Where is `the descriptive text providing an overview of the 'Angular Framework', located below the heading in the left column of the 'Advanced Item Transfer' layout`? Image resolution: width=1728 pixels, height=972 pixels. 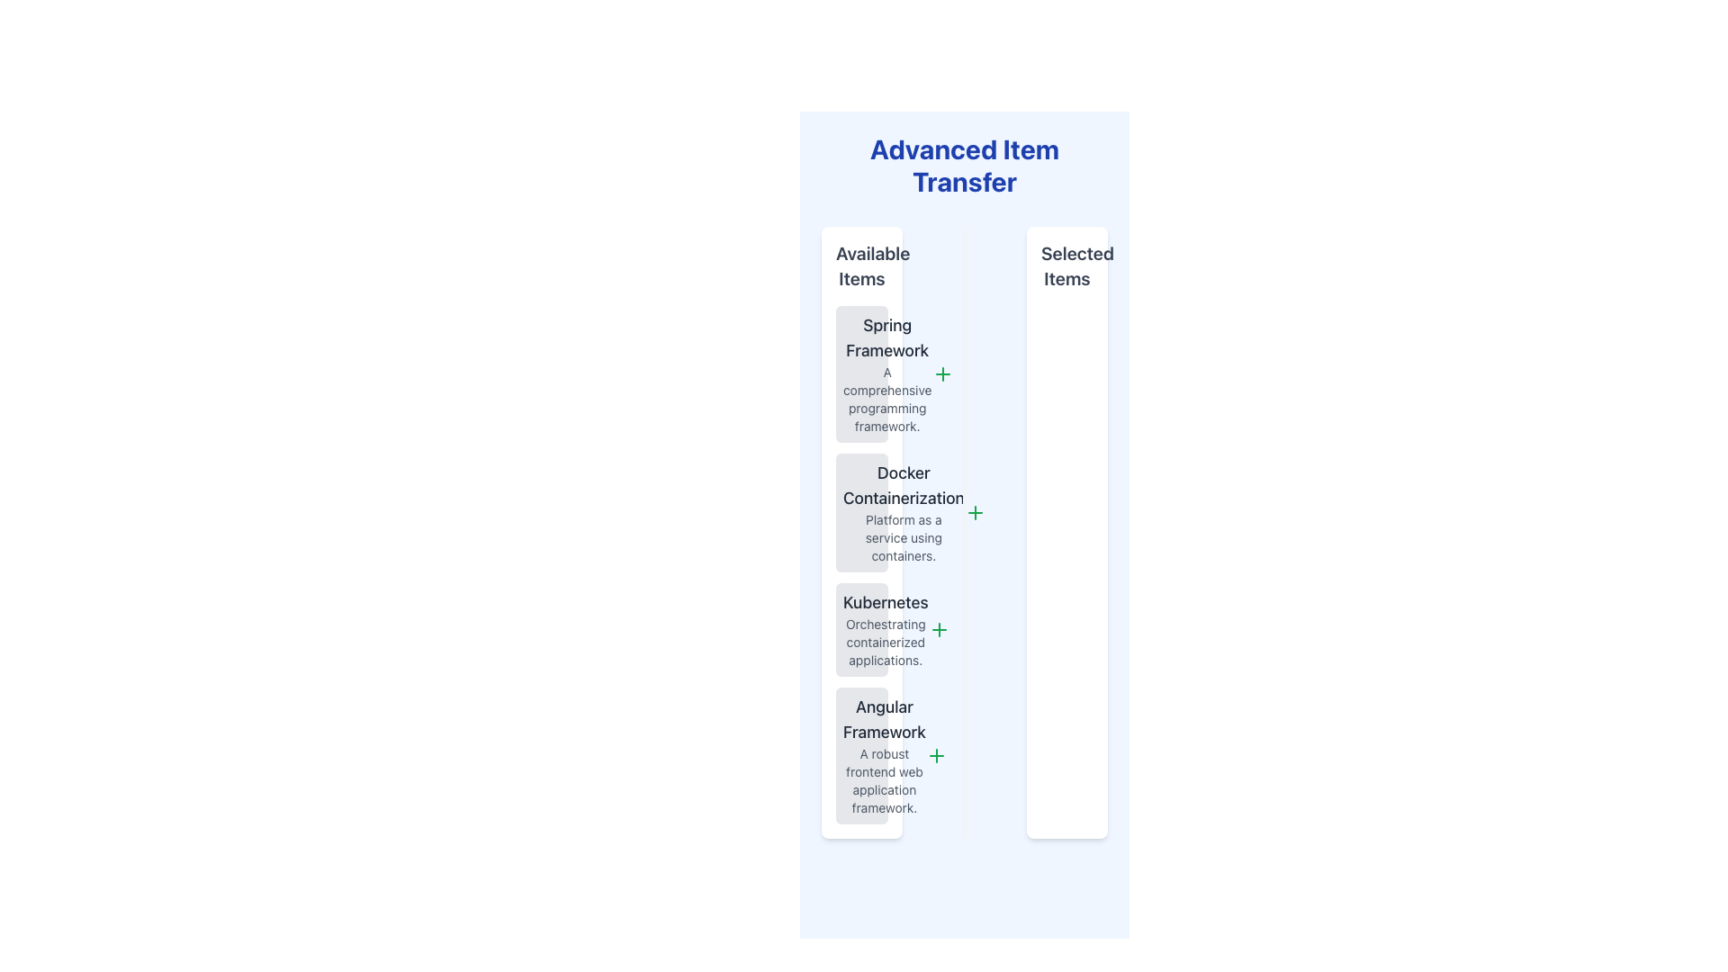
the descriptive text providing an overview of the 'Angular Framework', located below the heading in the left column of the 'Advanced Item Transfer' layout is located at coordinates (885, 779).